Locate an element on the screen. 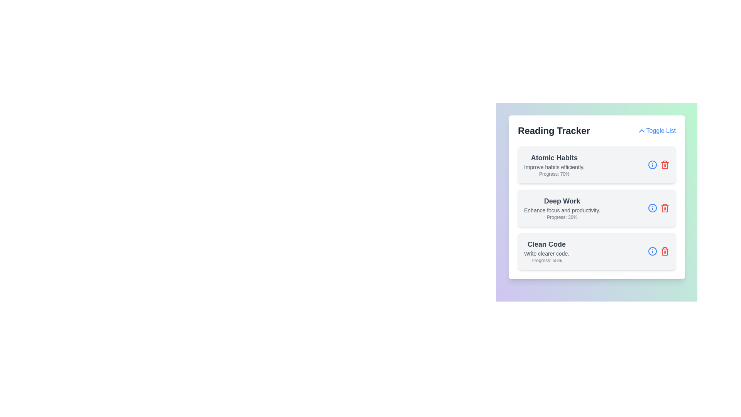  the topmost entry in the reading tracker list, which displays the title of a book, its brief description, and the progress percentage is located at coordinates (554, 164).